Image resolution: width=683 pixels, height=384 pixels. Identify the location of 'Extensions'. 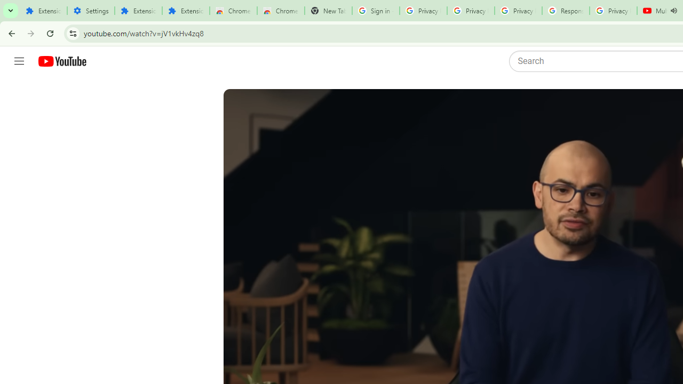
(186, 11).